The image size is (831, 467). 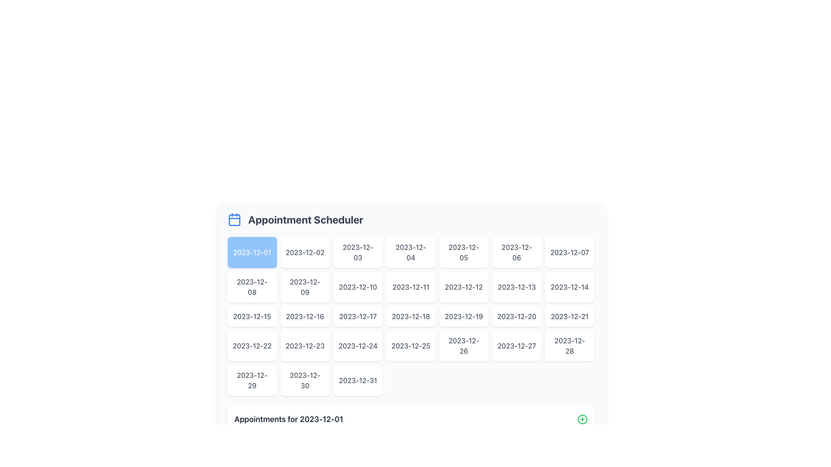 I want to click on the SVG rectangle element that is part of the calendar icon, located to the left of the 'Appointment Scheduler' text, so click(x=234, y=220).